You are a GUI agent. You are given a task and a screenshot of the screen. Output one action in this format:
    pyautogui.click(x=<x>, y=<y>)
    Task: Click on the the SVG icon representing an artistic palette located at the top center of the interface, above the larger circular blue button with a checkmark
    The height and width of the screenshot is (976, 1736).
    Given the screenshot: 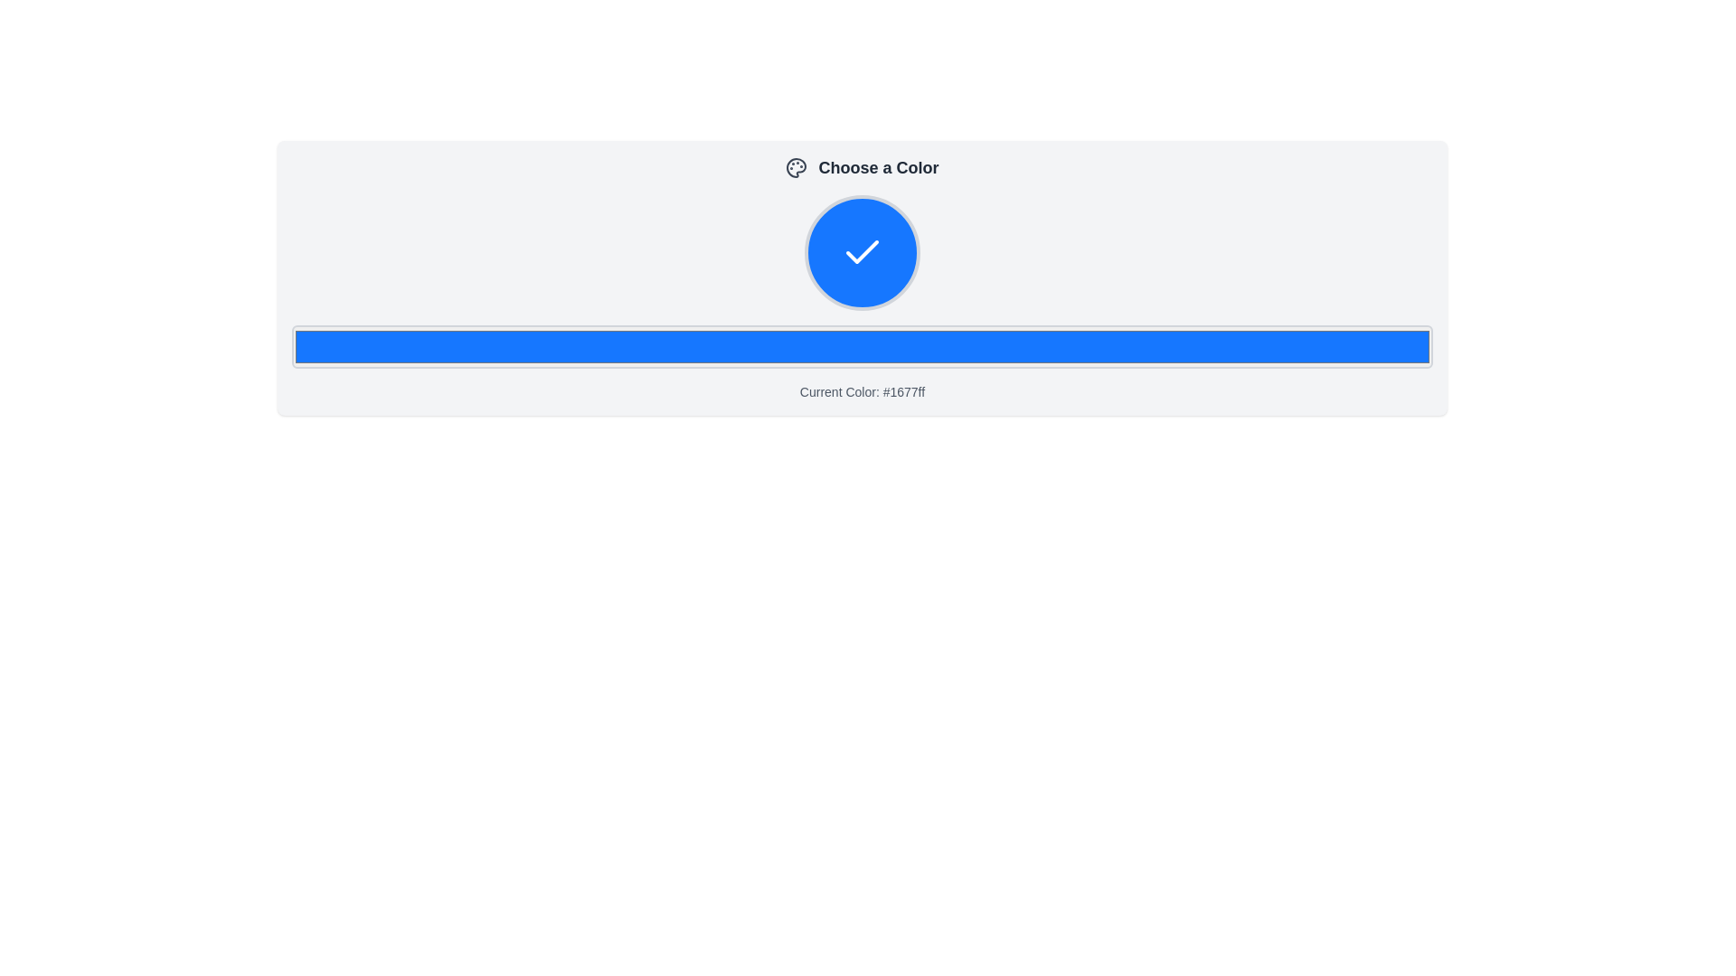 What is the action you would take?
    pyautogui.click(x=796, y=167)
    